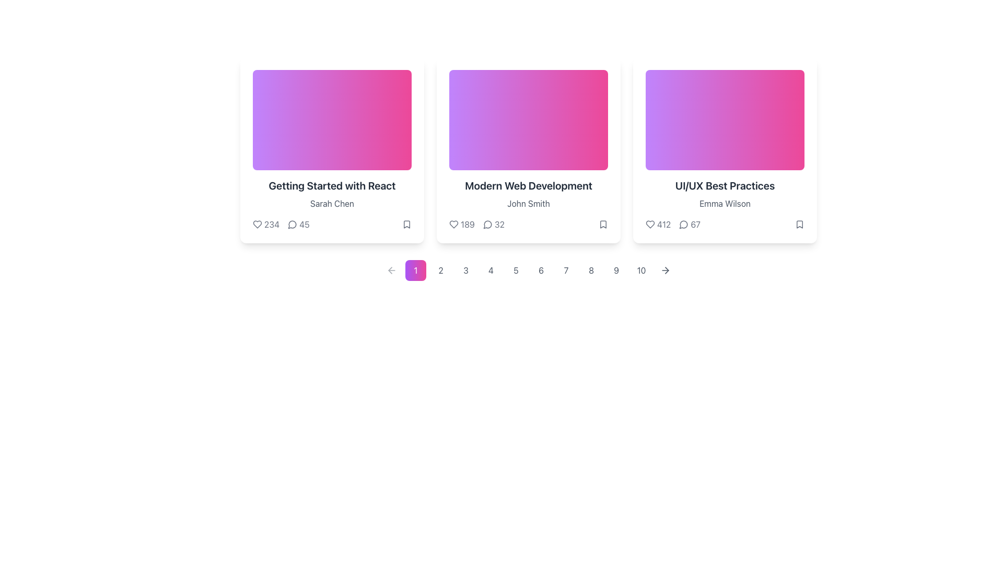 Image resolution: width=1003 pixels, height=564 pixels. I want to click on the Bookmark icon, so click(799, 224).